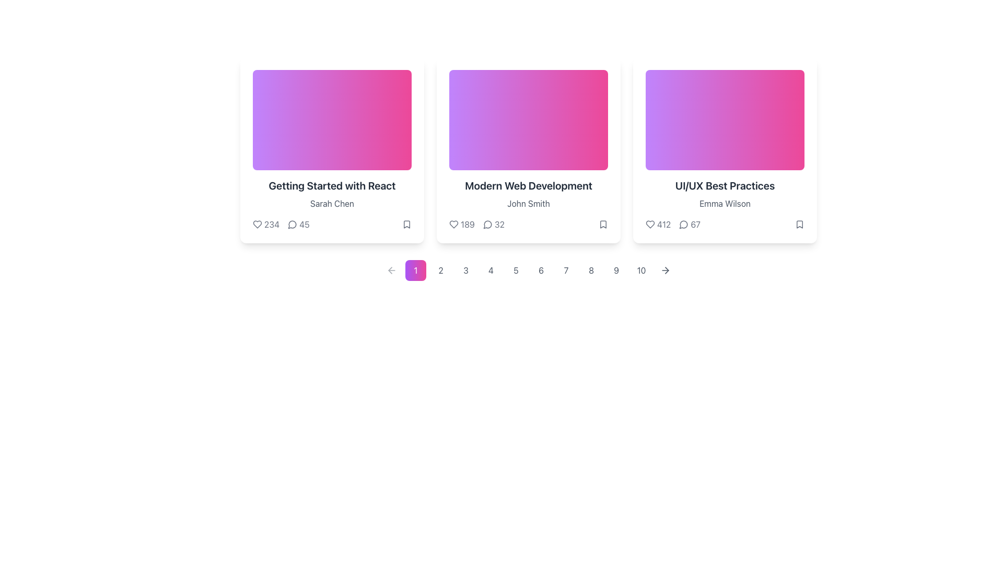 Image resolution: width=1003 pixels, height=564 pixels. I want to click on the Bookmark icon, so click(799, 224).